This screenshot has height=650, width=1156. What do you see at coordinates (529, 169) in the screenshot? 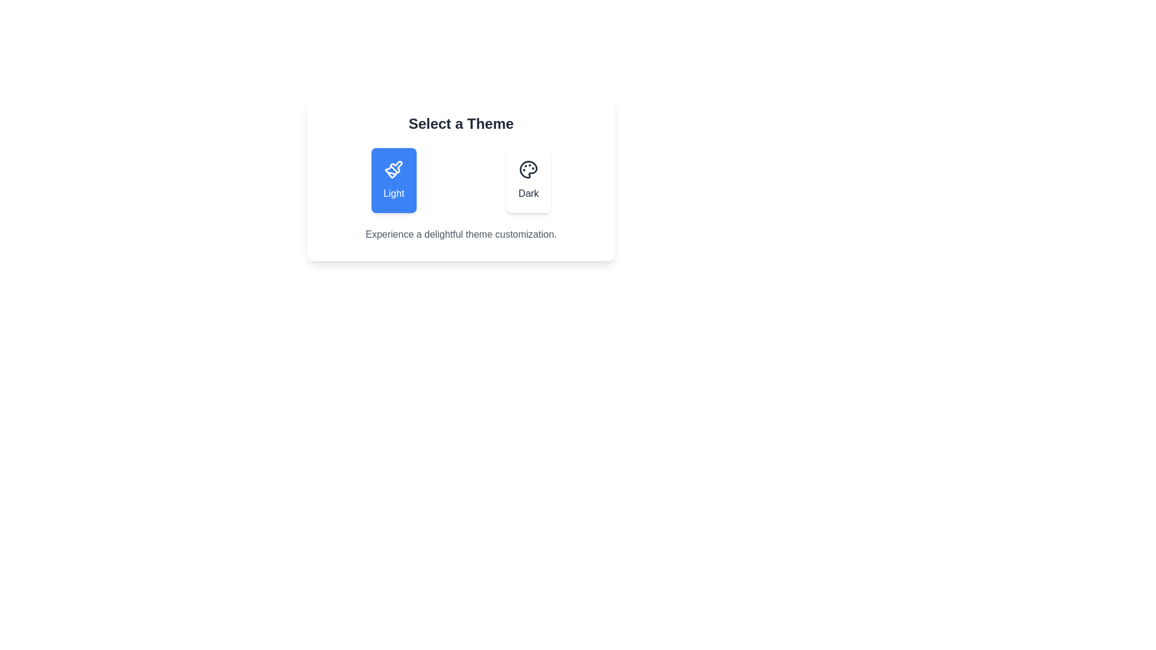
I see `the theme icon for Dark theme` at bounding box center [529, 169].